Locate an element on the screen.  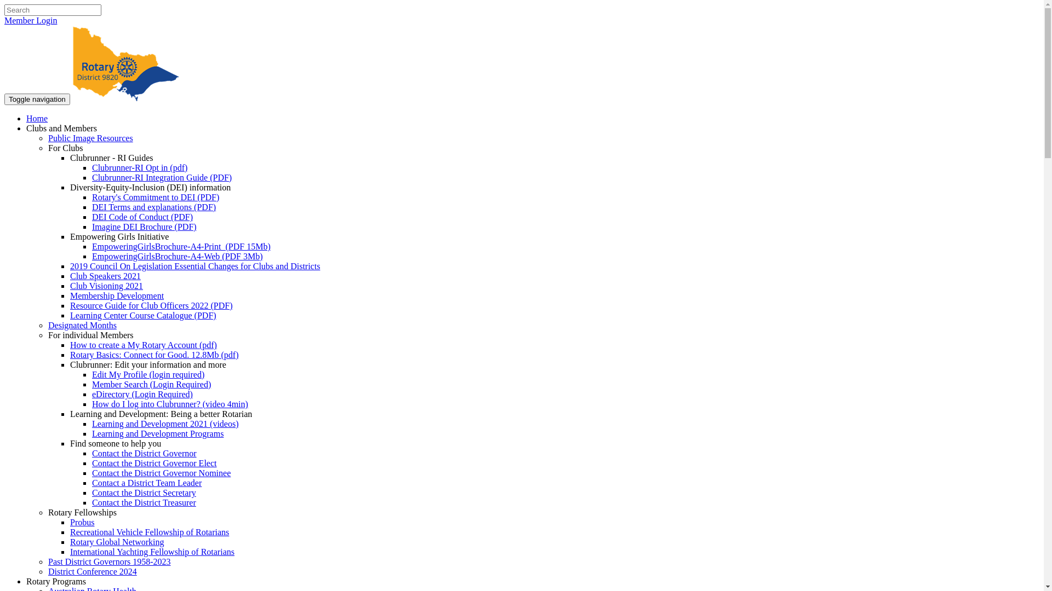
'Contact the District Treasurer' is located at coordinates (144, 502).